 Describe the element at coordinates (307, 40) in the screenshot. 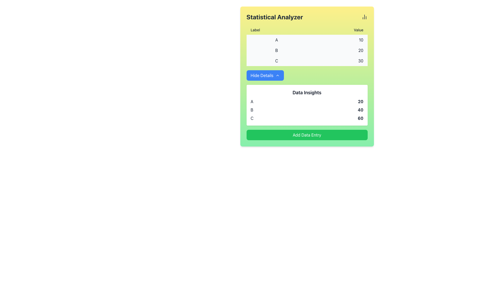

I see `the first table row displaying 'A' on the left and '10' on the right, which has a light gray background` at that location.